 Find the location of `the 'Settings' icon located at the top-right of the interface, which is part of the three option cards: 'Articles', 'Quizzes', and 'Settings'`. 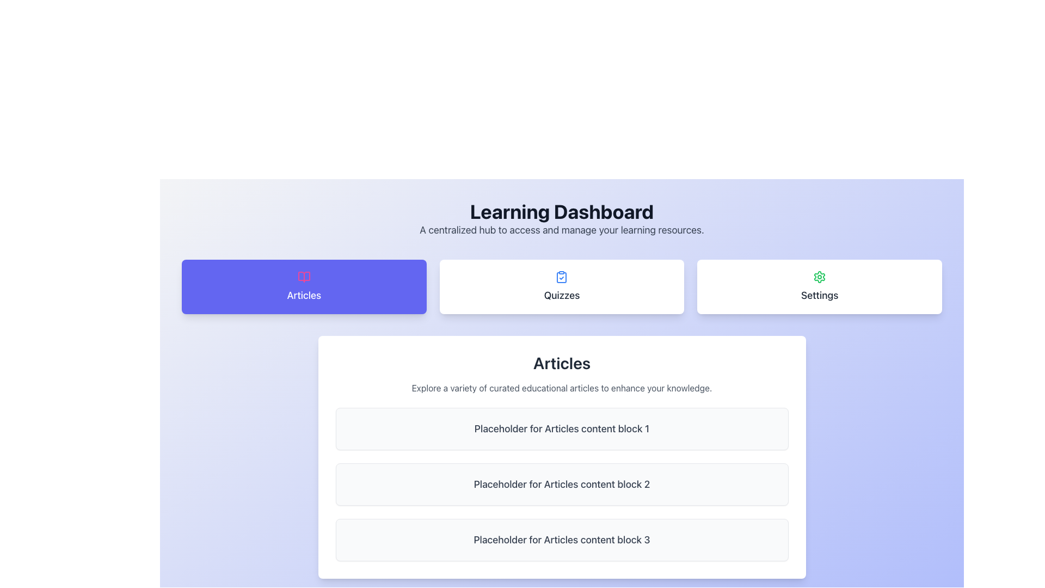

the 'Settings' icon located at the top-right of the interface, which is part of the three option cards: 'Articles', 'Quizzes', and 'Settings' is located at coordinates (820, 277).